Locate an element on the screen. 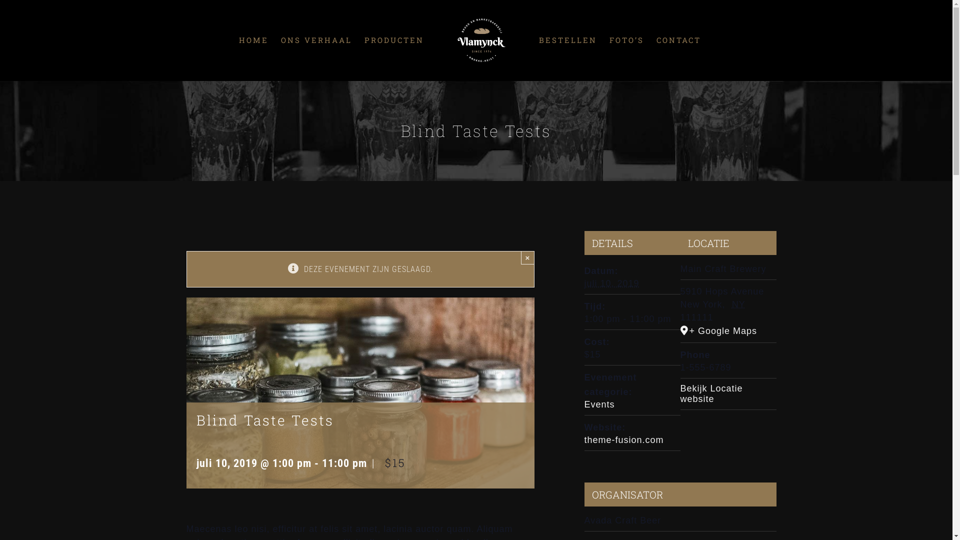 The width and height of the screenshot is (960, 540). 'theme-fusion.com' is located at coordinates (623, 439).